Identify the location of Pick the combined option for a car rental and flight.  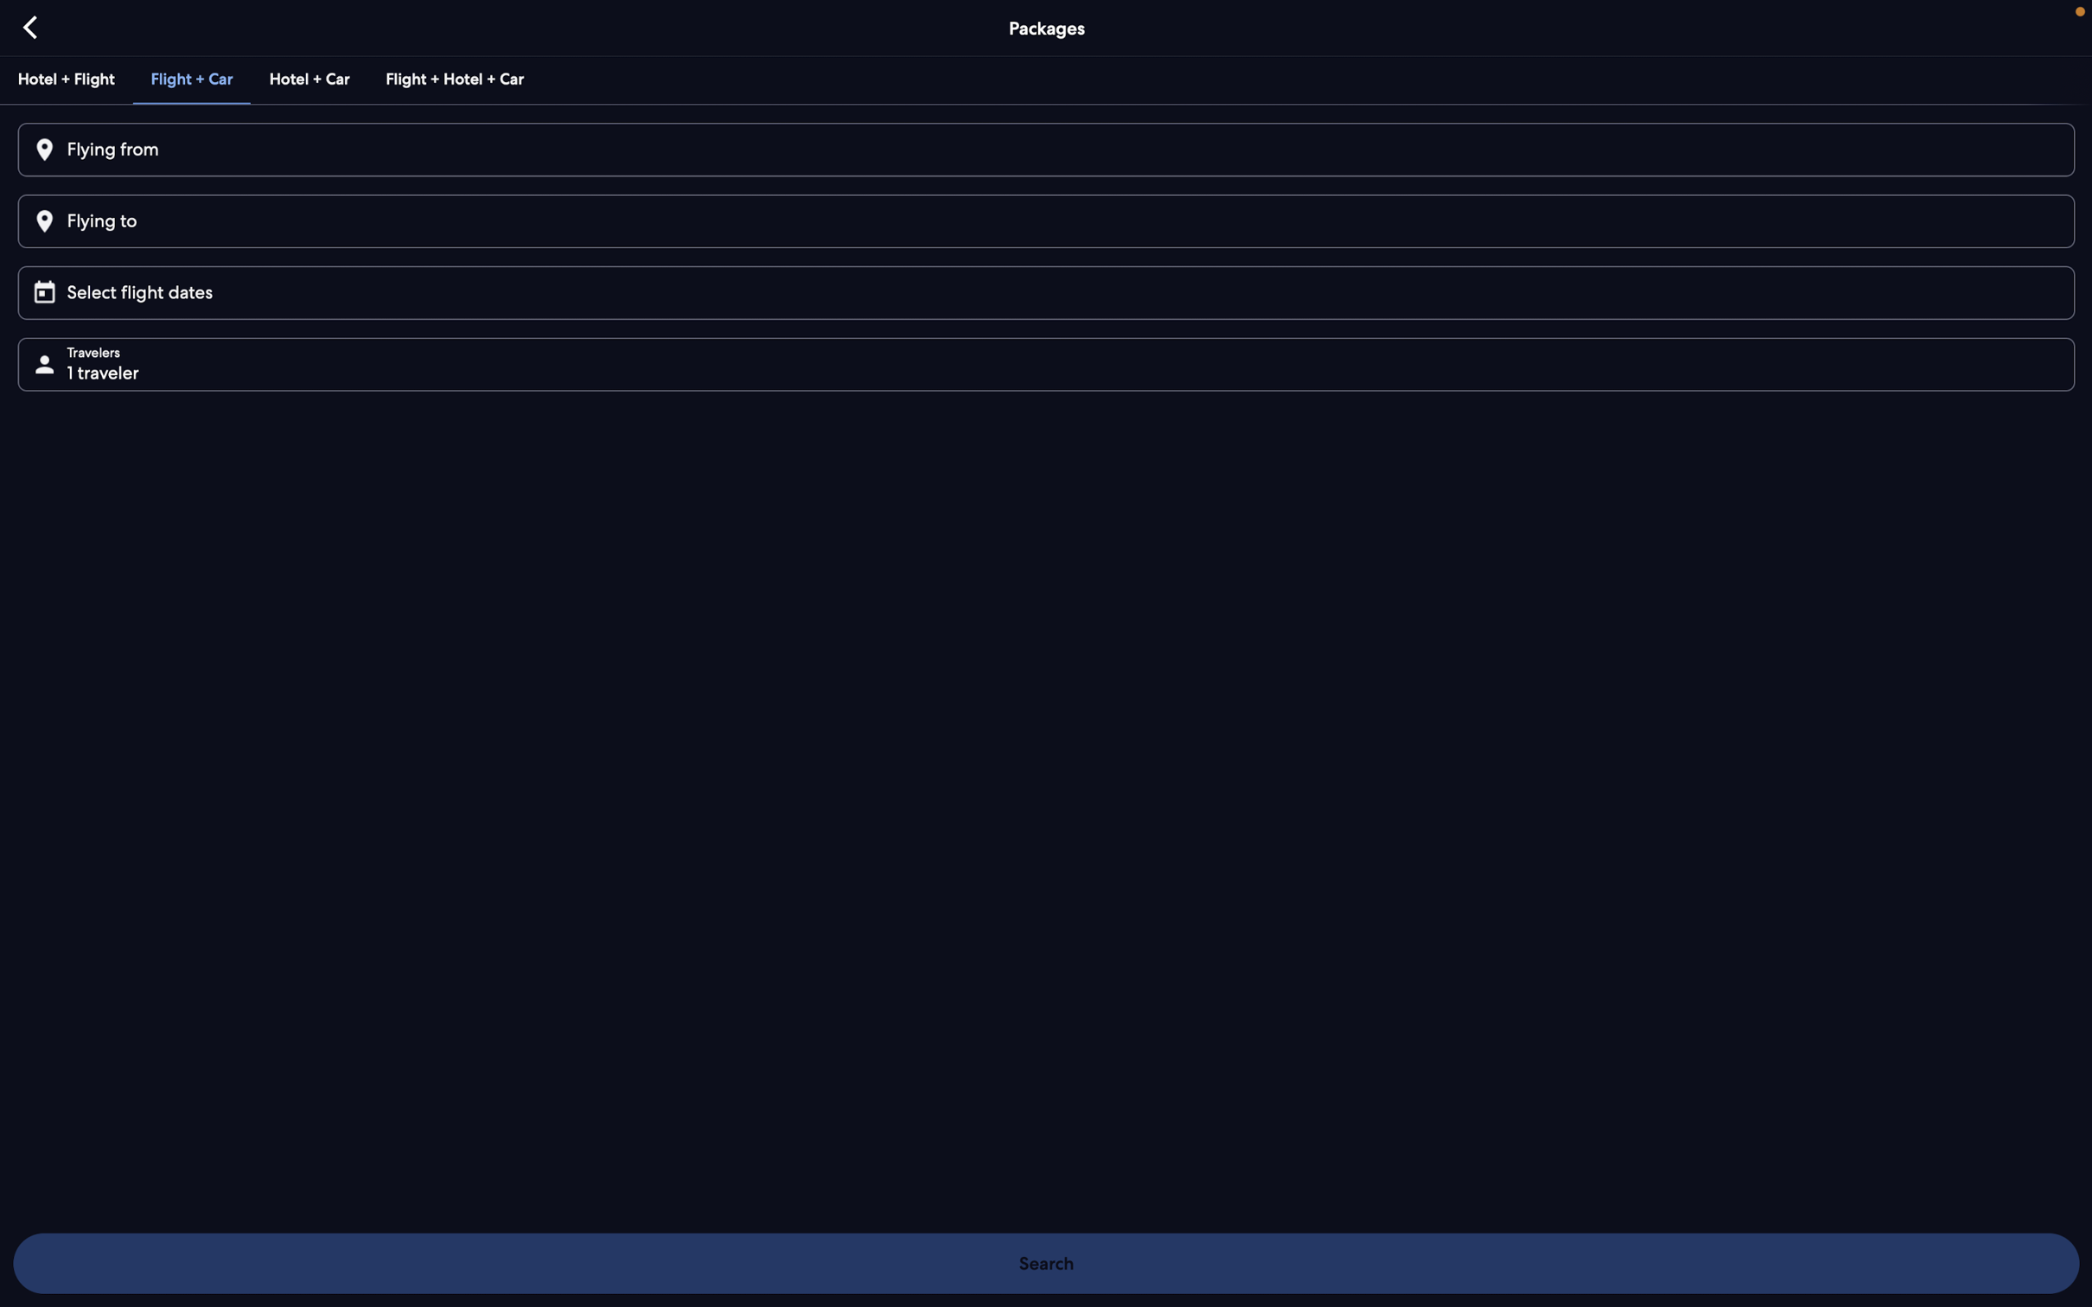
(188, 76).